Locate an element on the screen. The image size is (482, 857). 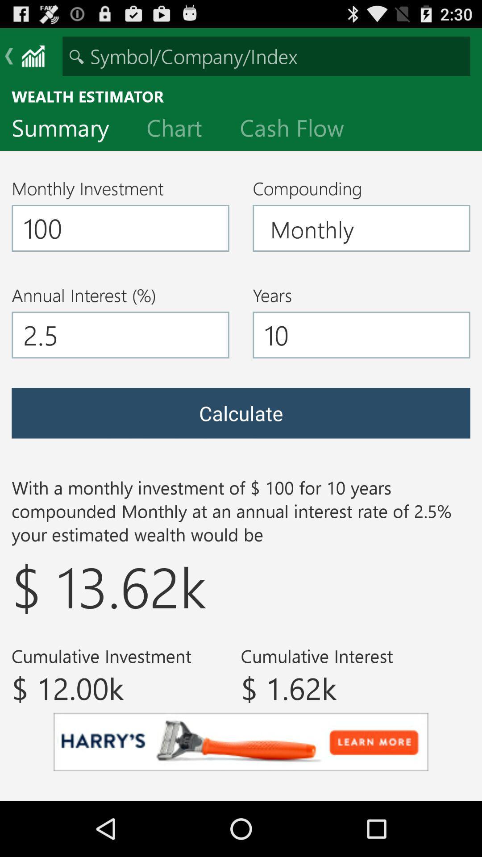
the item next to summary item is located at coordinates (181, 129).